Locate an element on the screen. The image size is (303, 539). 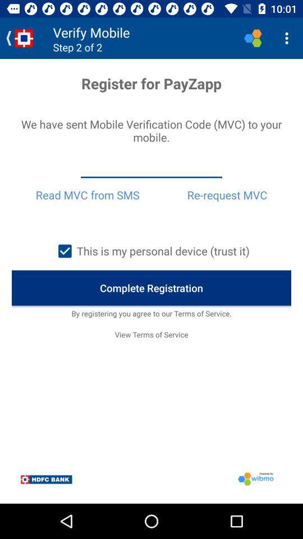
complete registration is located at coordinates (151, 287).